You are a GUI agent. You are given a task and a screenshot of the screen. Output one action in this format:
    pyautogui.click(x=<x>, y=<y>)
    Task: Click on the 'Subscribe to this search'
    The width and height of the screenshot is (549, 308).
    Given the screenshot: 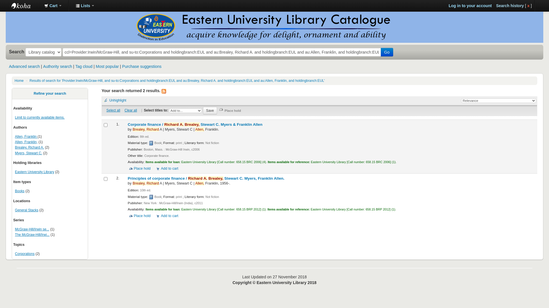 What is the action you would take?
    pyautogui.click(x=163, y=91)
    